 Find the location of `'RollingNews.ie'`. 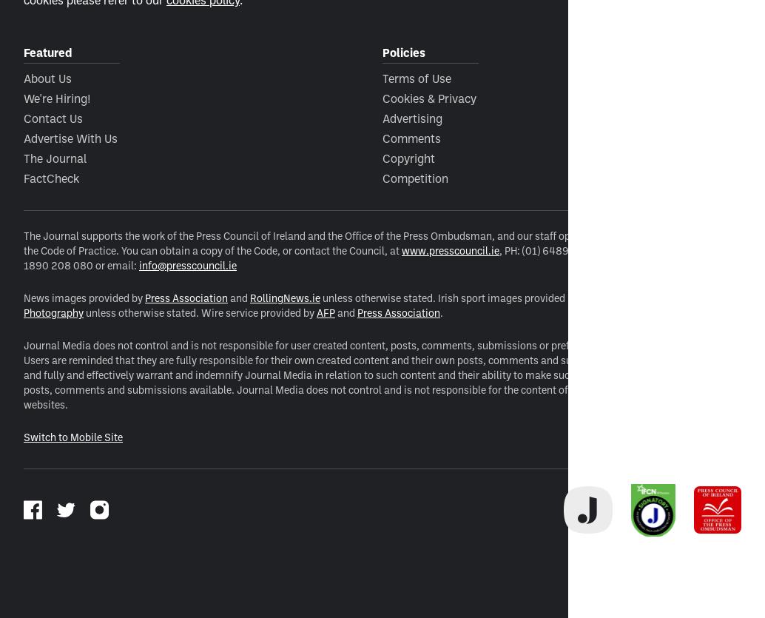

'RollingNews.ie' is located at coordinates (284, 297).